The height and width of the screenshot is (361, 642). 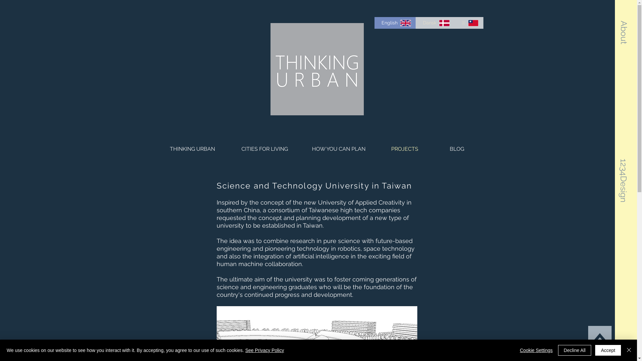 What do you see at coordinates (264, 350) in the screenshot?
I see `'See Privacy Policy'` at bounding box center [264, 350].